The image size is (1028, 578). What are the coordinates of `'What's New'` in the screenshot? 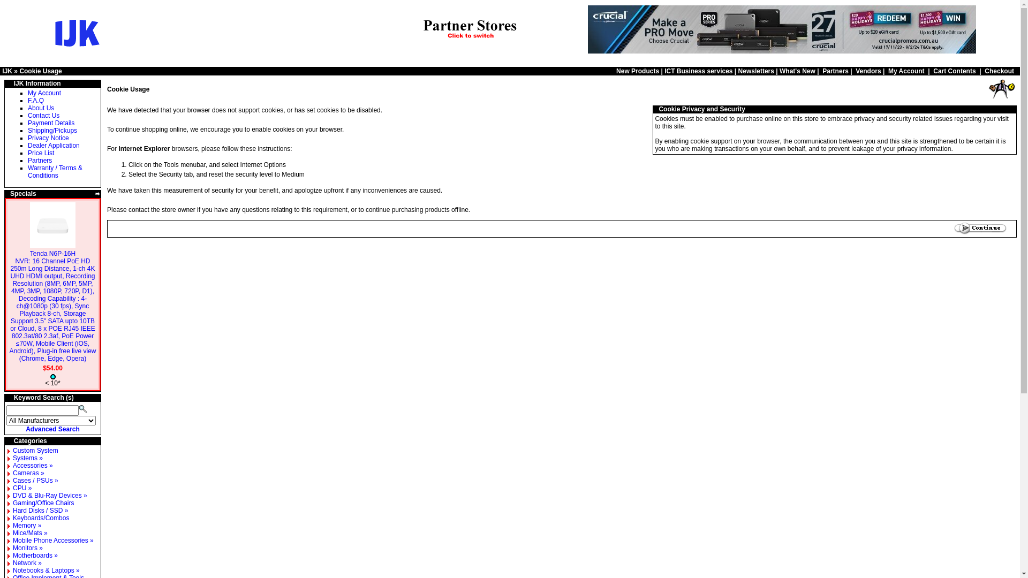 It's located at (797, 71).